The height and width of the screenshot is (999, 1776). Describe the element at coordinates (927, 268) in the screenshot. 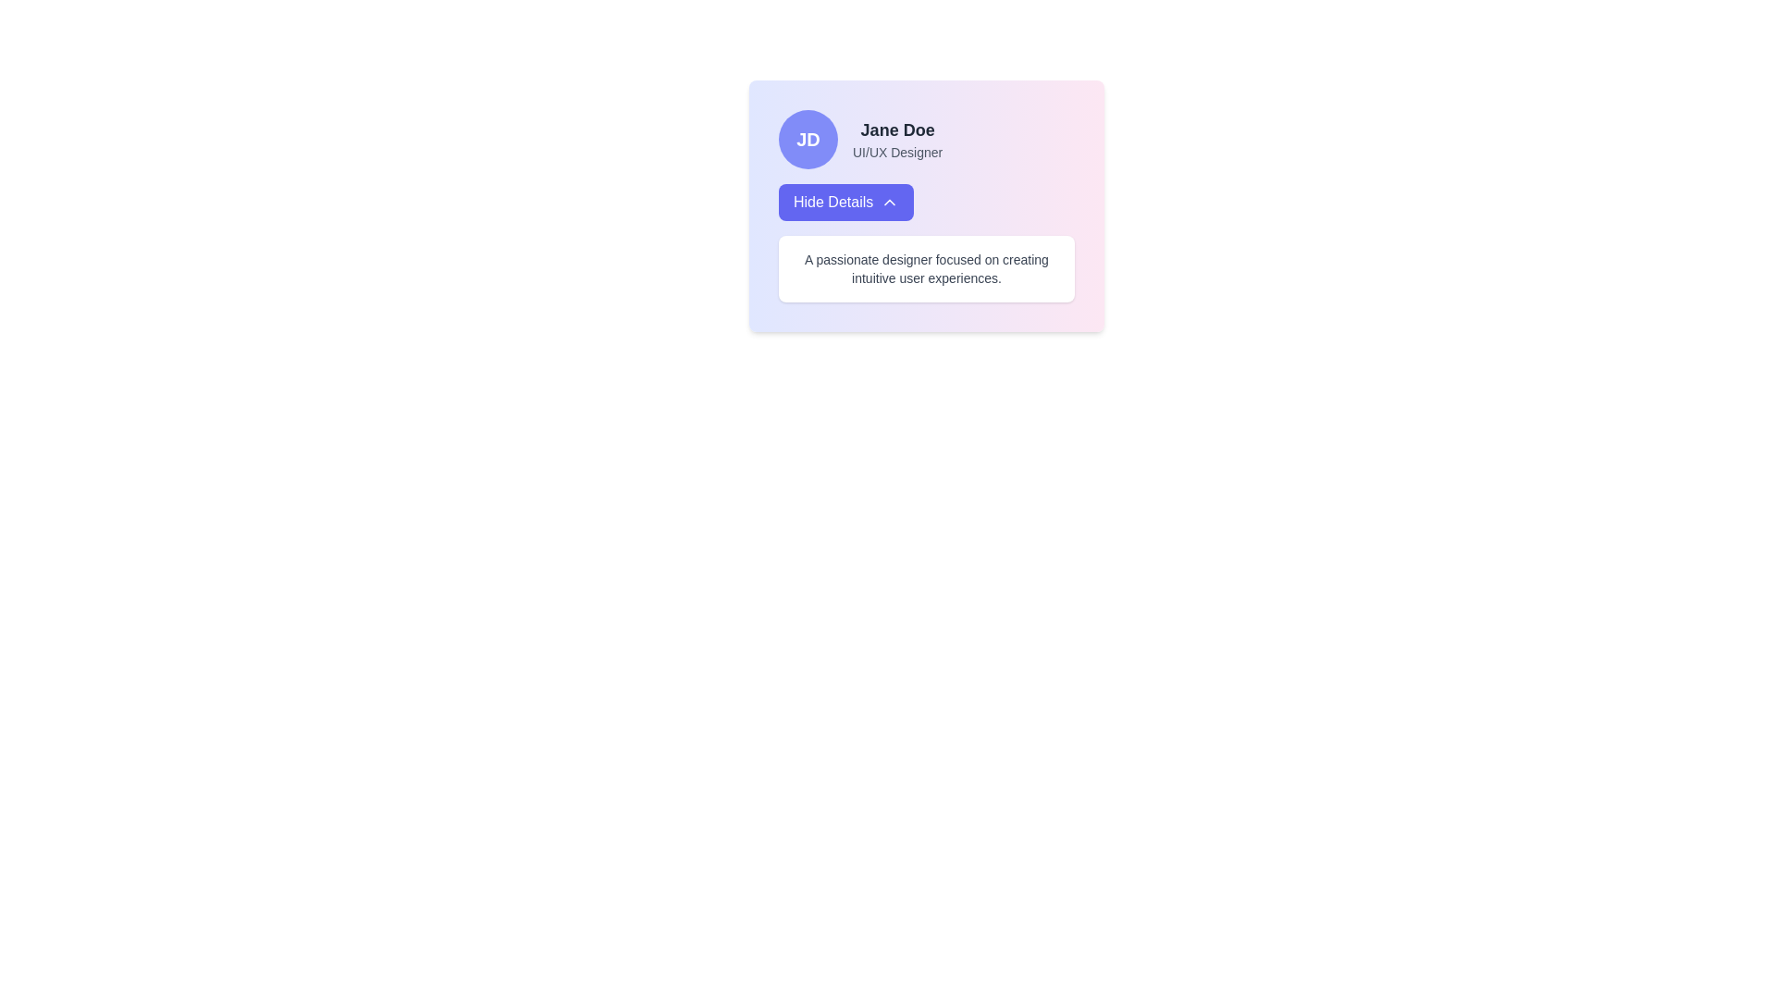

I see `the text label that provides a descriptive summary of the individual's professional focus or expertise, located below the 'Hide Details' button in the white rectangular section` at that location.